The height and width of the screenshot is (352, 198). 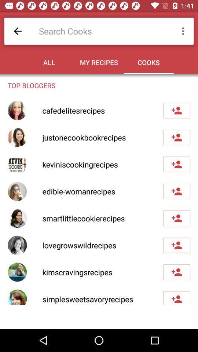 I want to click on friend, so click(x=176, y=272).